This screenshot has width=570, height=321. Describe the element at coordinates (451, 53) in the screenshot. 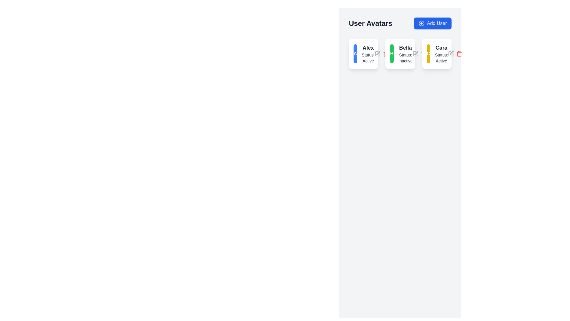

I see `the edit icon button represented by a pen graphic located to the right of the 'Status: Active' text in the 'Cara' user card to initiate an edit action` at that location.